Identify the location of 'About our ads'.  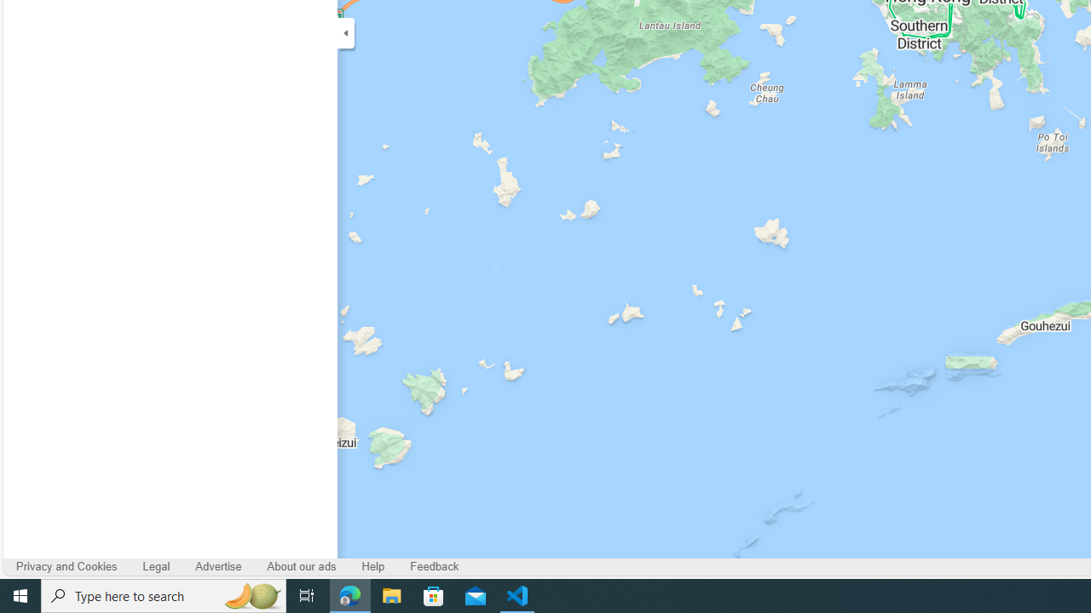
(302, 566).